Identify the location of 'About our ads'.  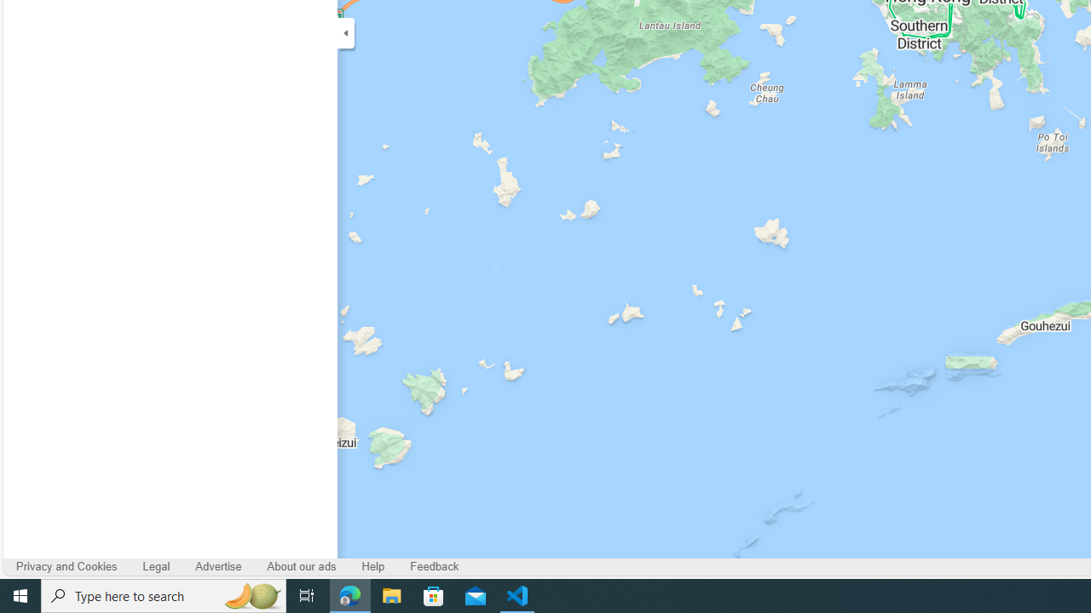
(302, 566).